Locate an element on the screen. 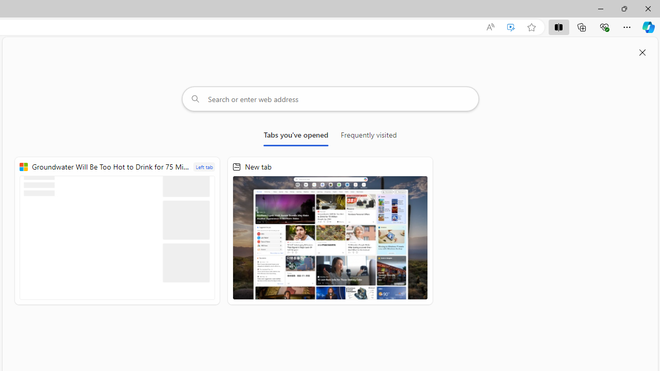 The height and width of the screenshot is (371, 660). 'Enhance video' is located at coordinates (511, 27).